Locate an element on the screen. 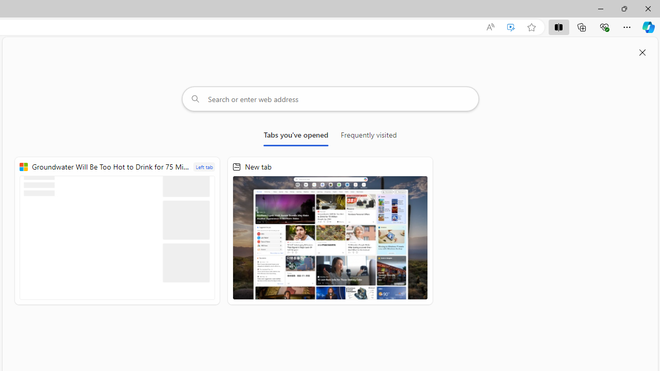 The height and width of the screenshot is (371, 660). 'Enhance video' is located at coordinates (511, 27).